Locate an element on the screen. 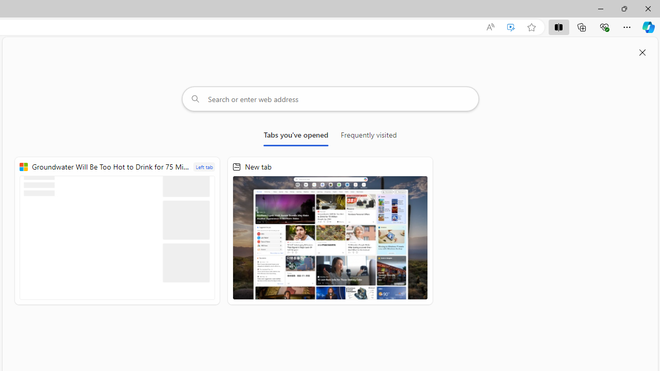 The height and width of the screenshot is (371, 660). 'Enhance video' is located at coordinates (511, 27).